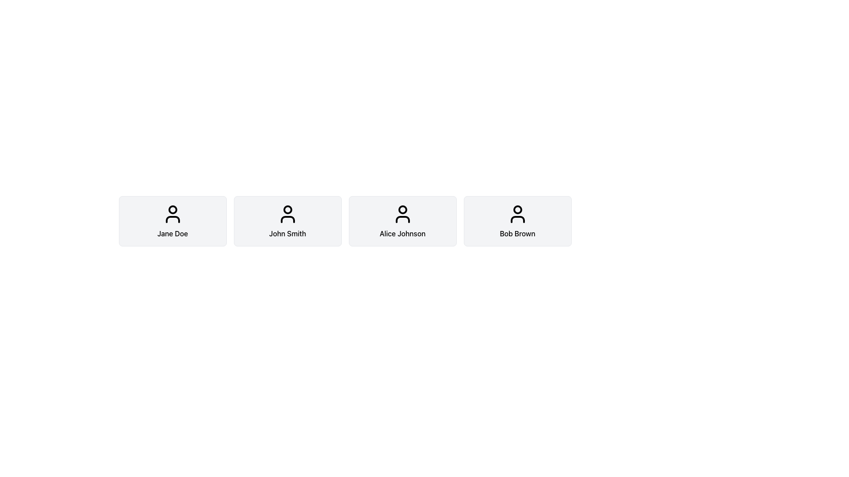 This screenshot has width=849, height=477. What do you see at coordinates (402, 233) in the screenshot?
I see `the text element displaying the name 'Alice Johnson'` at bounding box center [402, 233].